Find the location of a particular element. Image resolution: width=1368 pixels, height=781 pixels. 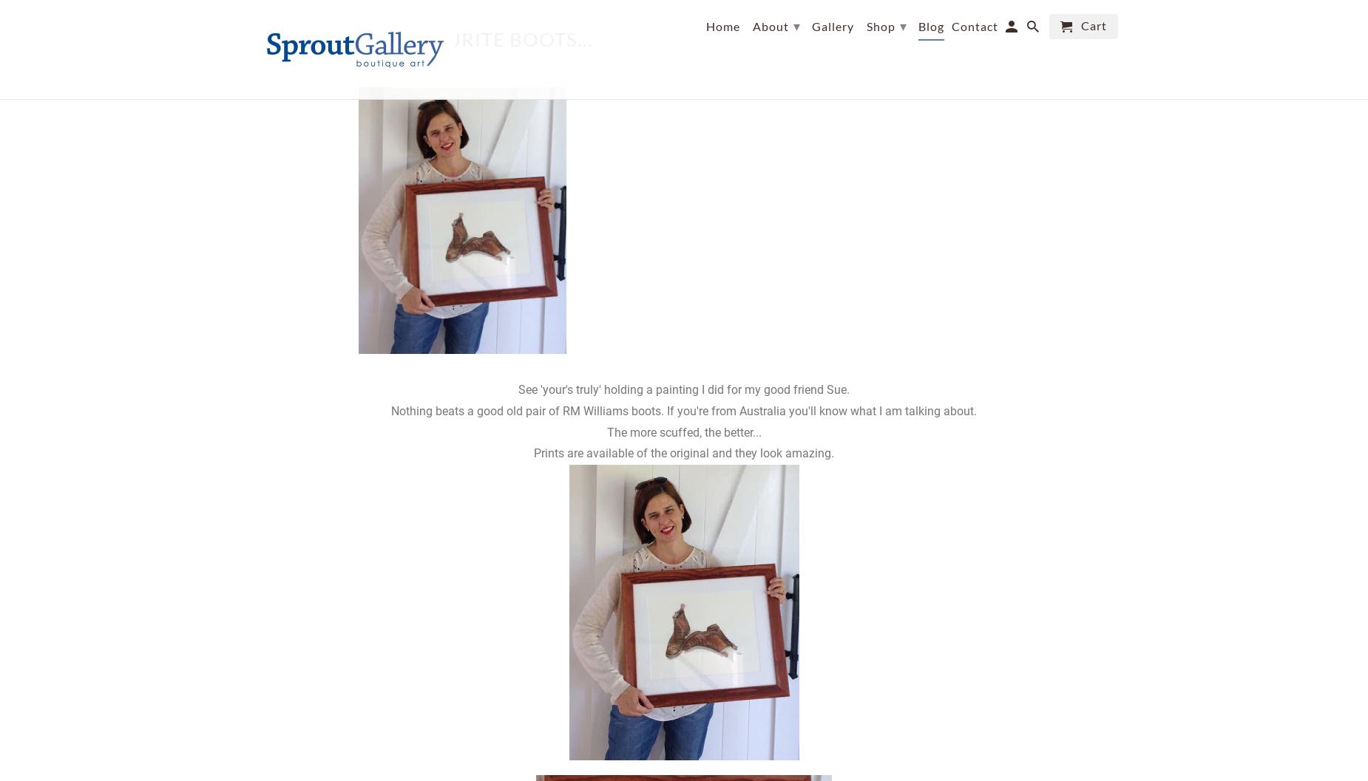

'Gallery' is located at coordinates (831, 26).